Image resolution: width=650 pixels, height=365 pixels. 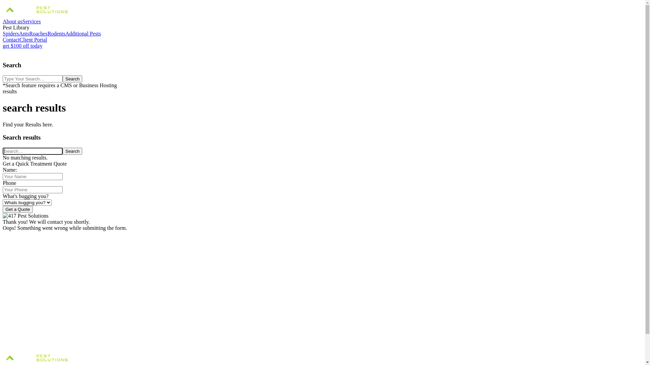 I want to click on 'Client Portal', so click(x=19, y=40).